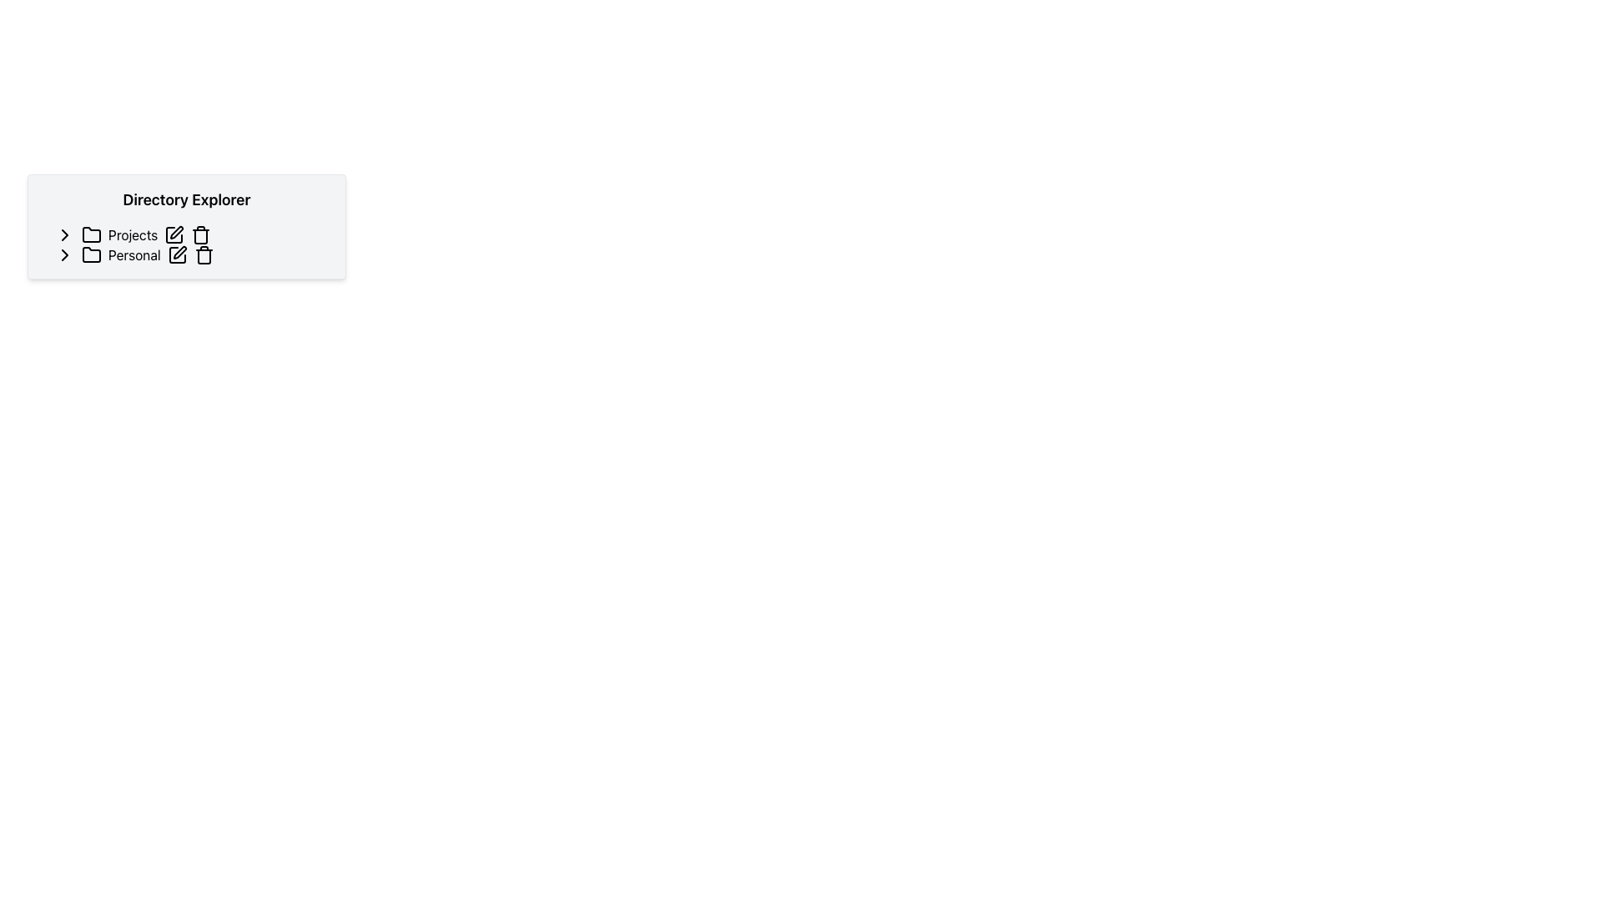 The width and height of the screenshot is (1602, 901). I want to click on the pencil icon button located to the right of the 'Projects' label in the directory explorer interface, so click(174, 234).